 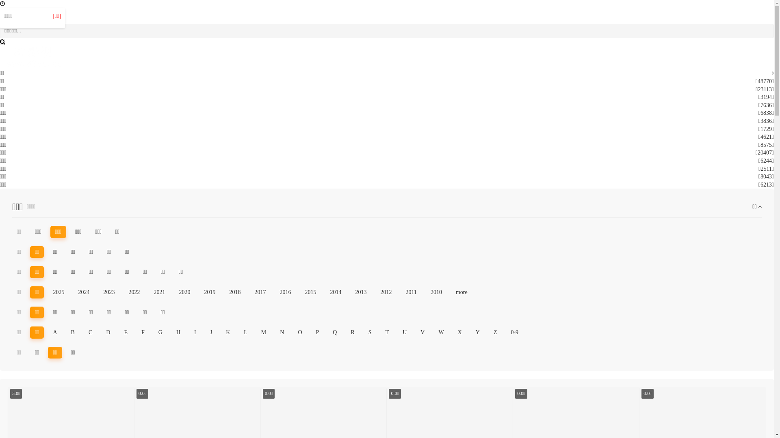 What do you see at coordinates (48, 333) in the screenshot?
I see `'A'` at bounding box center [48, 333].